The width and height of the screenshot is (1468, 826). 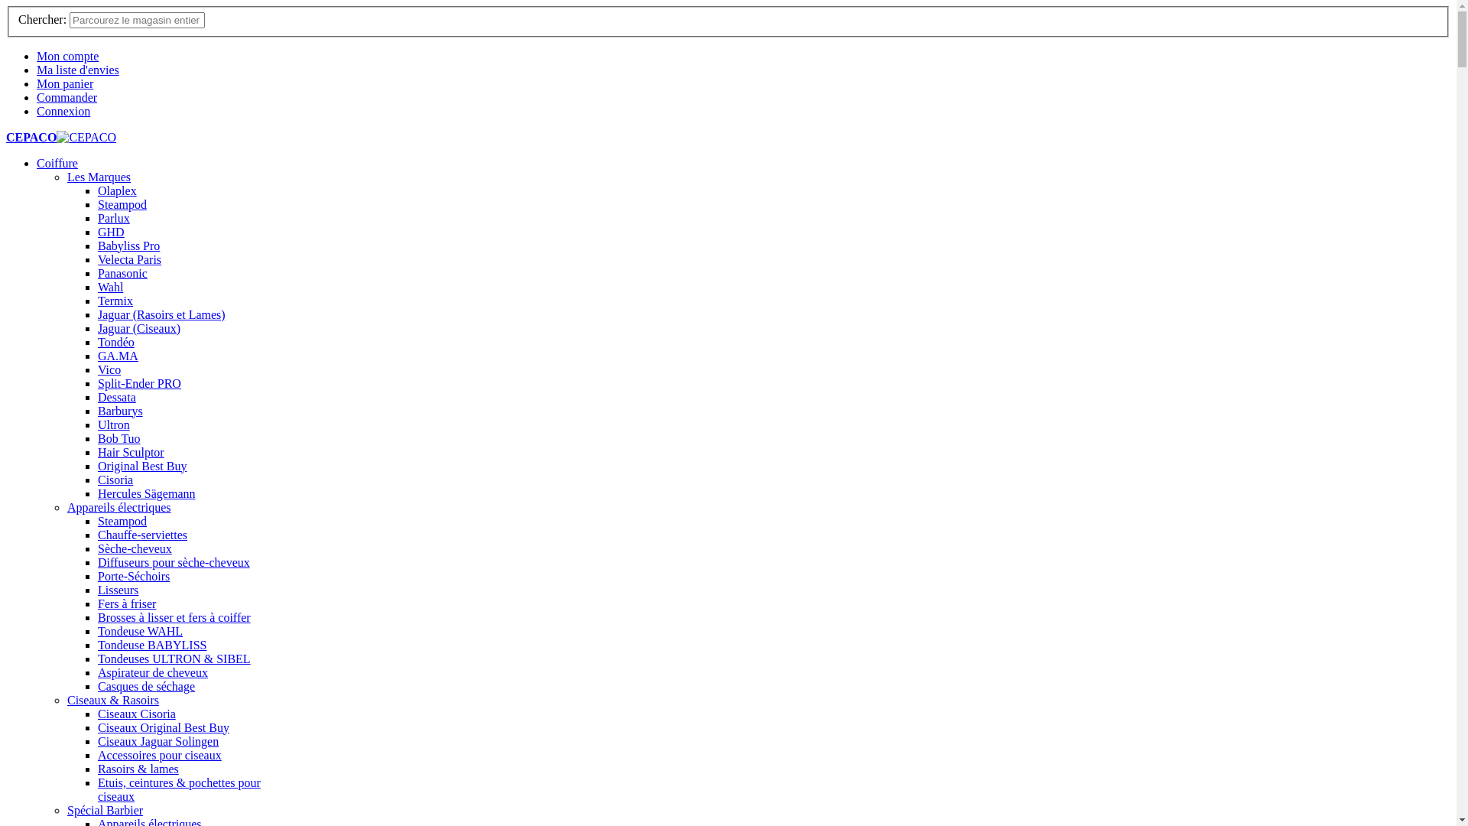 I want to click on 'Ciseaux Jaguar Solingen', so click(x=158, y=740).